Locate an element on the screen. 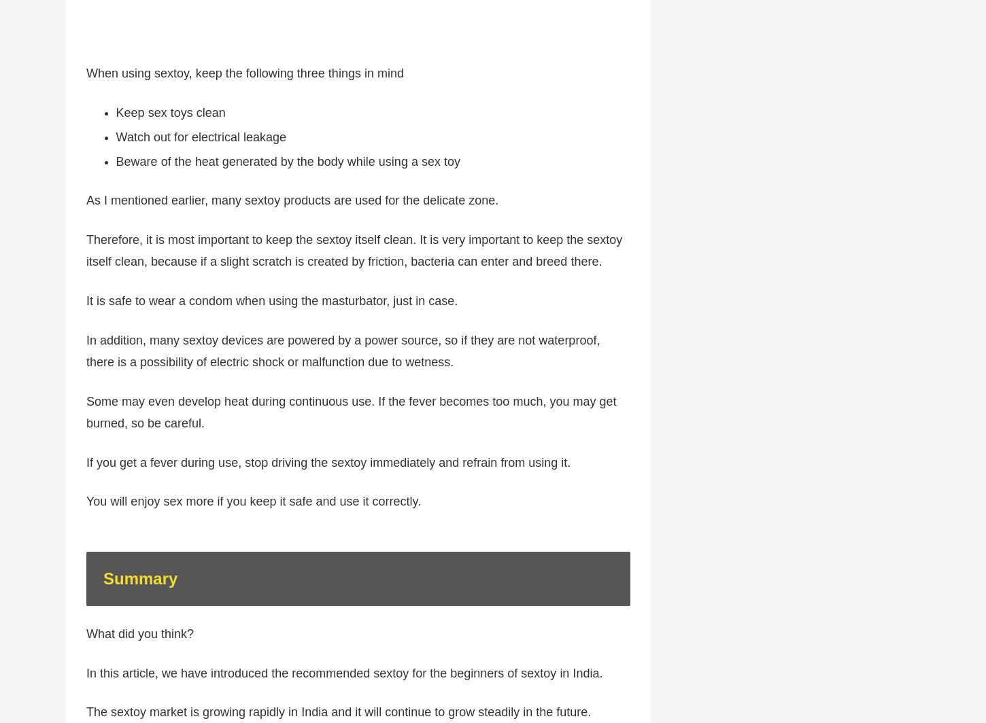  'When using sextoy, keep the following three things in mind' is located at coordinates (245, 80).